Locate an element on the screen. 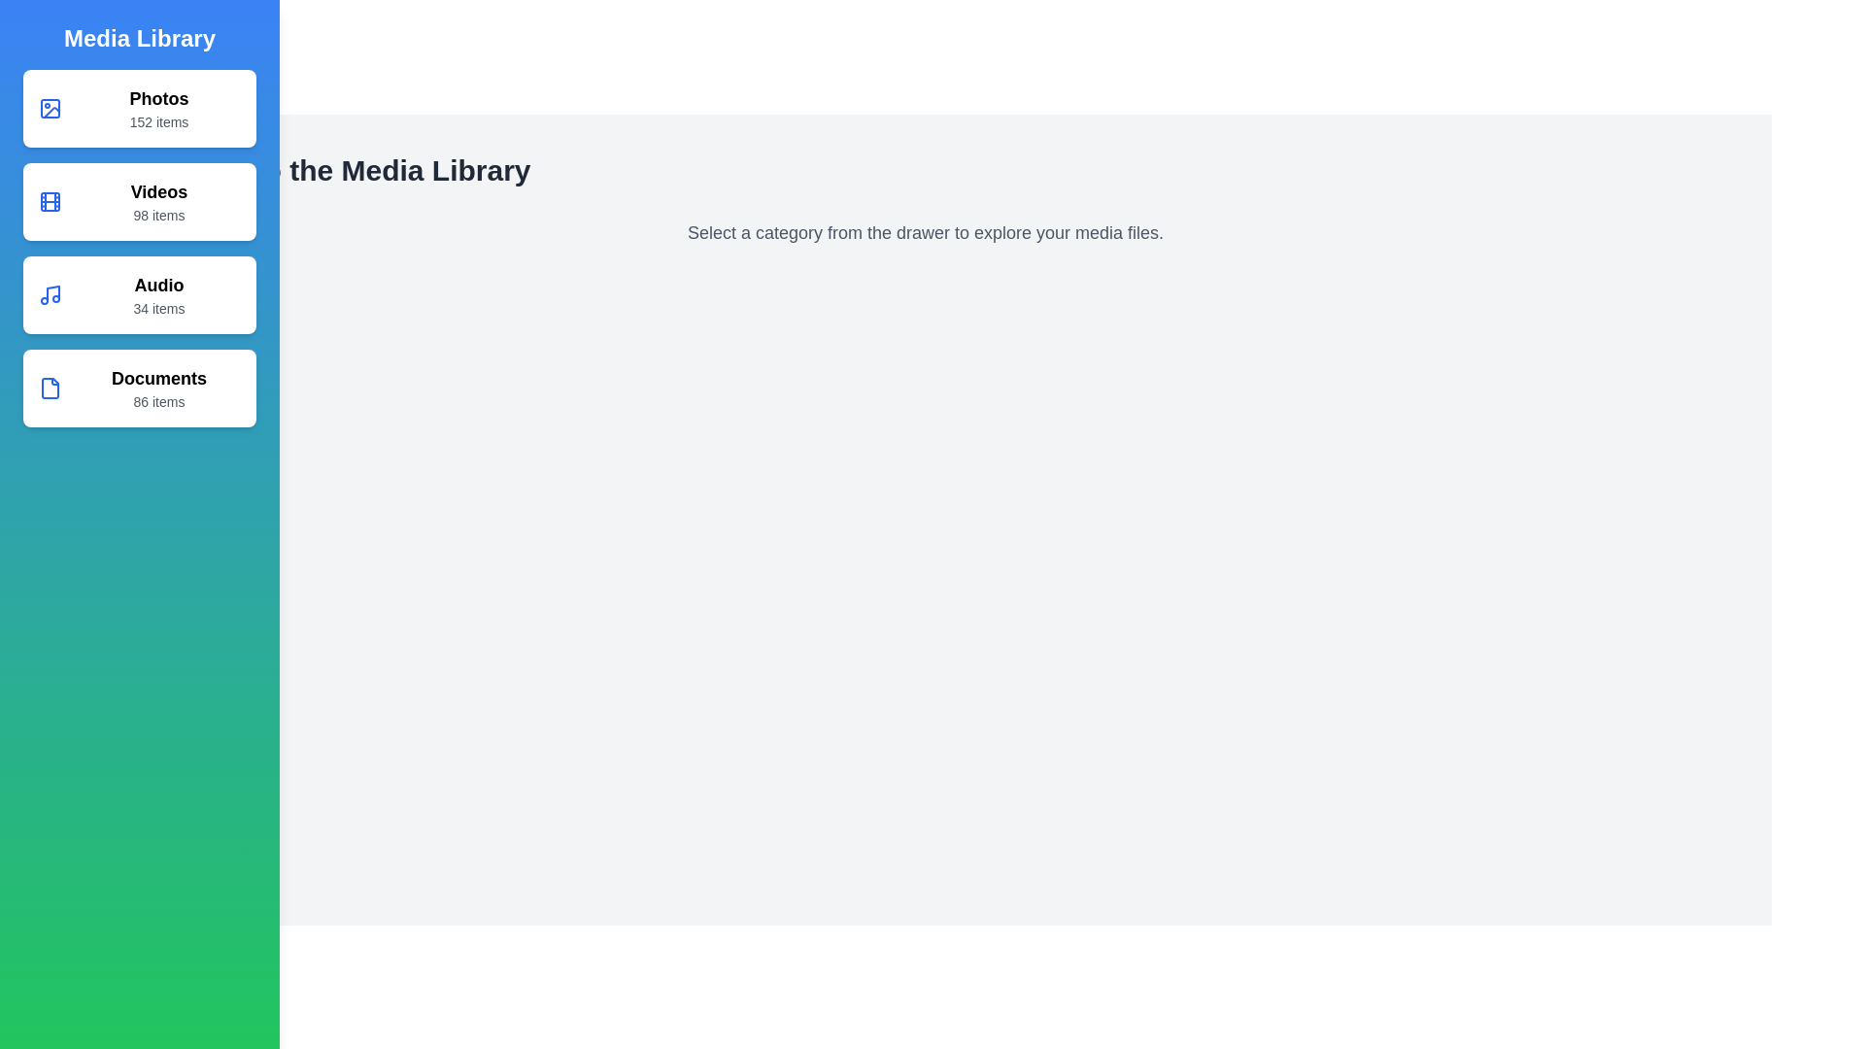 Image resolution: width=1865 pixels, height=1049 pixels. the media category Photos to observe its hover effect is located at coordinates (139, 108).